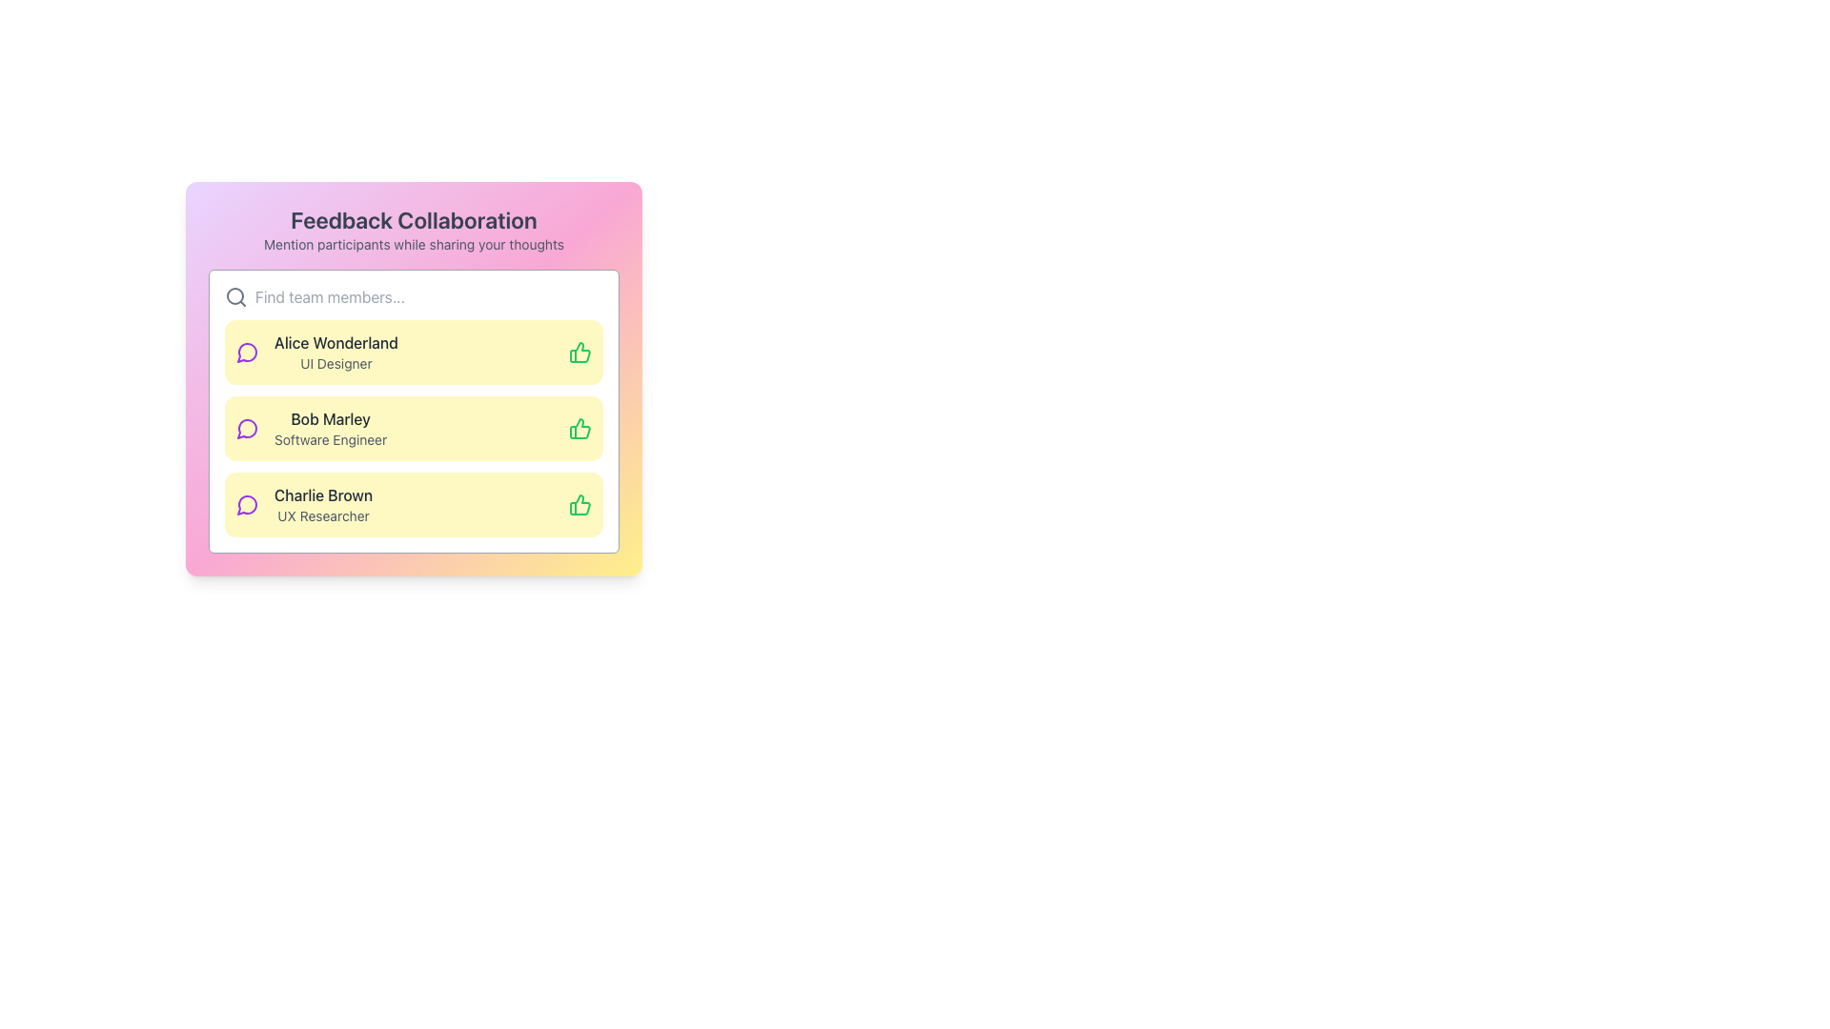 The width and height of the screenshot is (1830, 1029). Describe the element at coordinates (323, 516) in the screenshot. I see `the Text Label displaying 'UX Researcher', which is located beneath 'Charlie Brown' in the 'Feedback Collaboration' card` at that location.